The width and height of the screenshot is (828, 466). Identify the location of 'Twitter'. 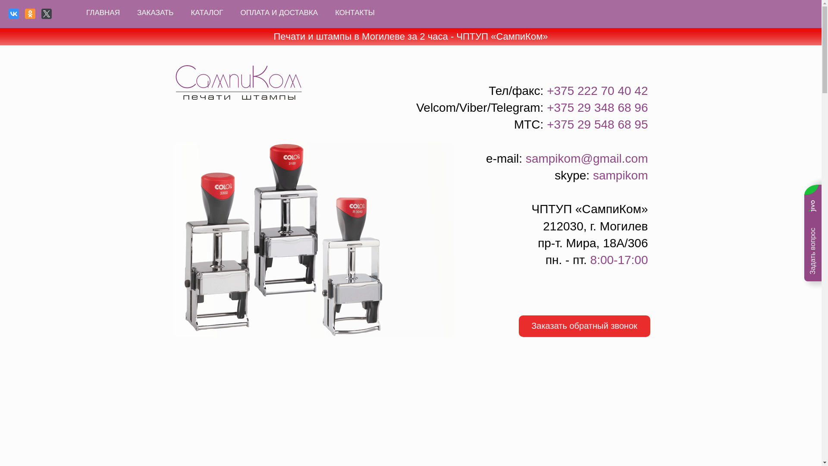
(46, 13).